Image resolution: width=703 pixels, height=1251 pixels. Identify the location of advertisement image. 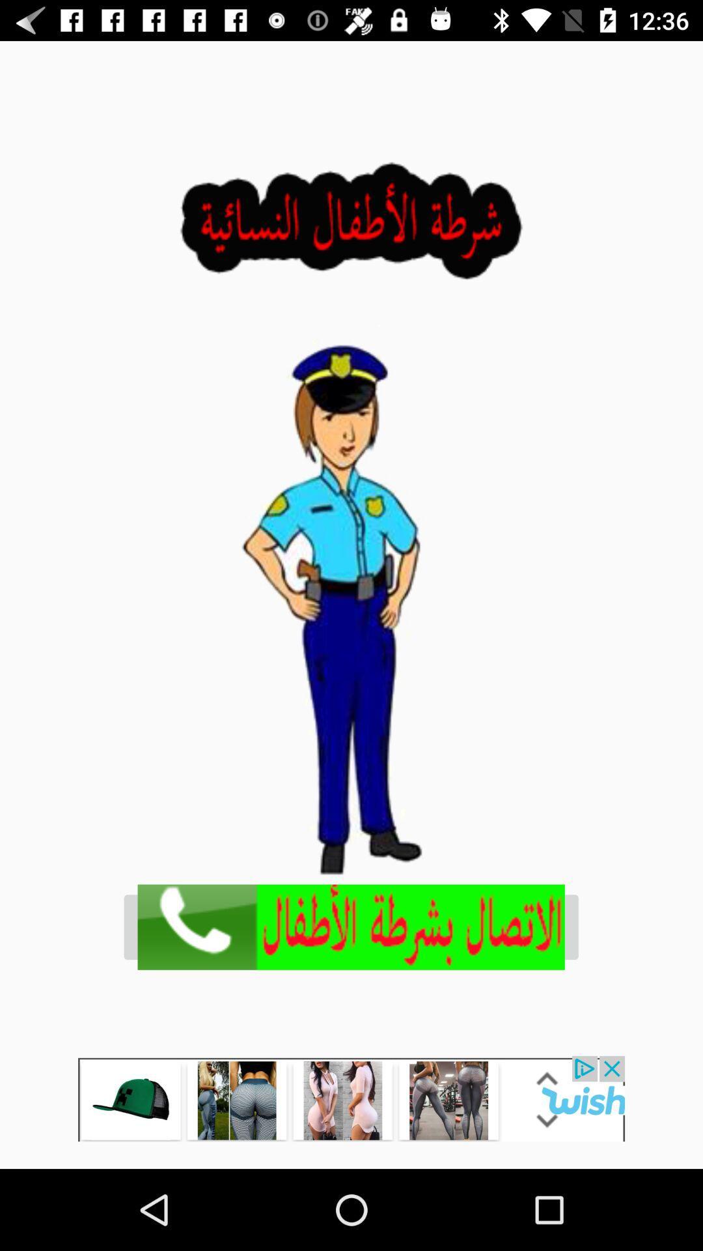
(350, 927).